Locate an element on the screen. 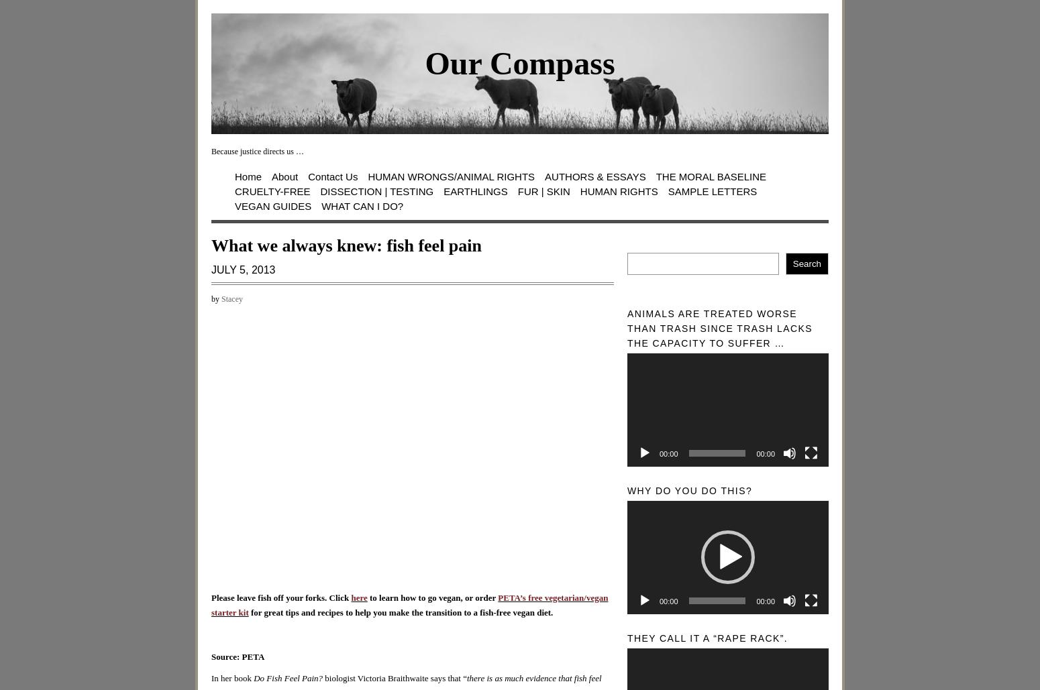 The height and width of the screenshot is (690, 1040). 'What we always knew: fish feel pain' is located at coordinates (346, 245).